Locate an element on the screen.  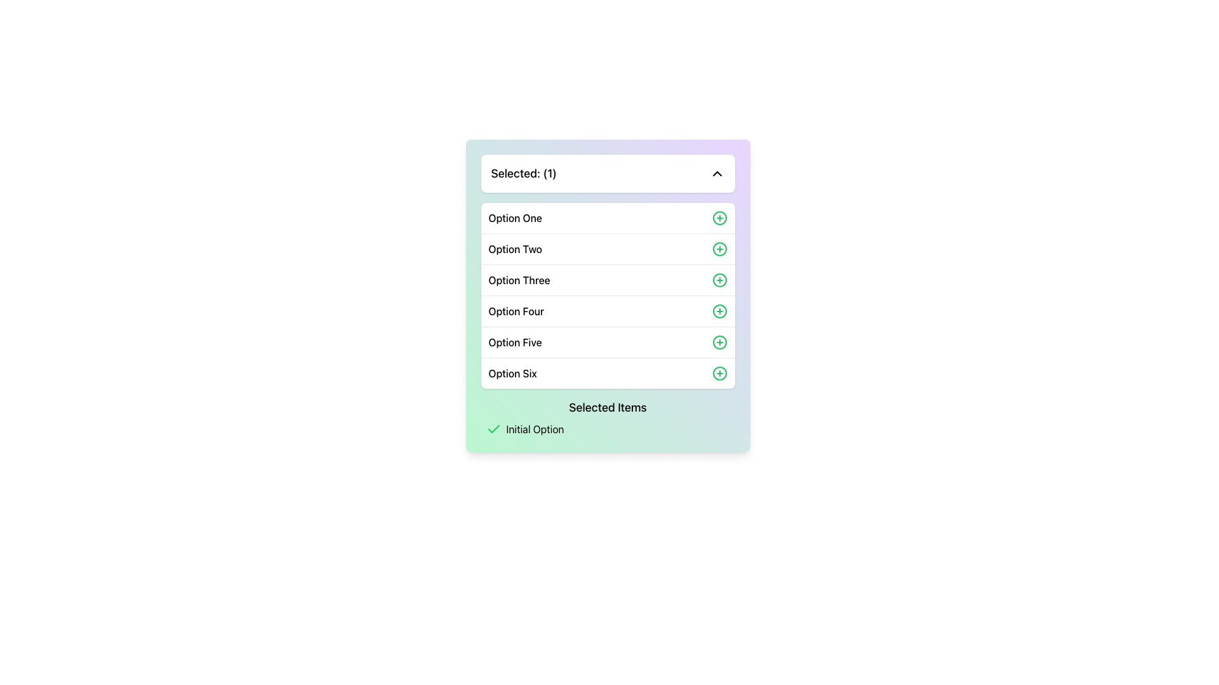
the button used for adding or selecting the 'Option Four' item from the dropdown list is located at coordinates (719, 311).